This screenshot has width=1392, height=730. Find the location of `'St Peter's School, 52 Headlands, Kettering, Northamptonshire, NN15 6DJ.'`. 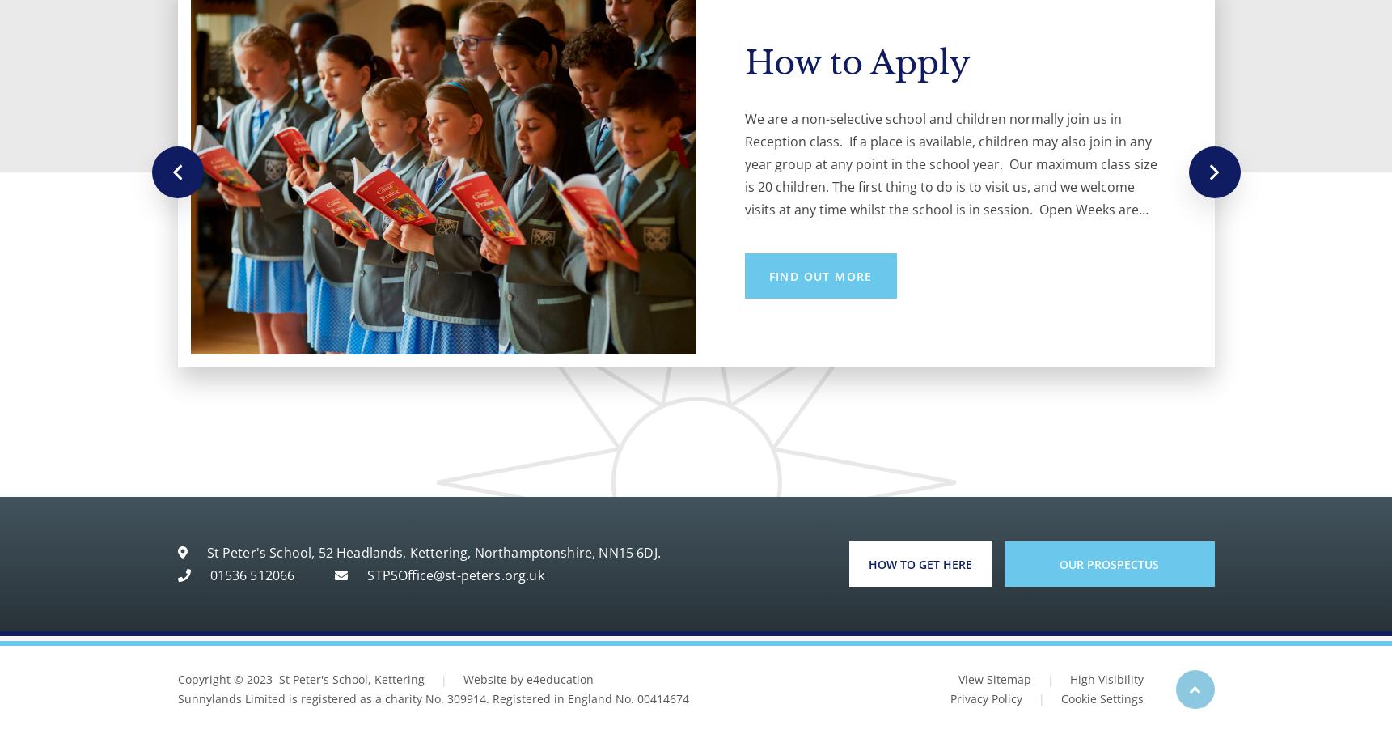

'St Peter's School, 52 Headlands, Kettering, Northamptonshire, NN15 6DJ.' is located at coordinates (206, 552).